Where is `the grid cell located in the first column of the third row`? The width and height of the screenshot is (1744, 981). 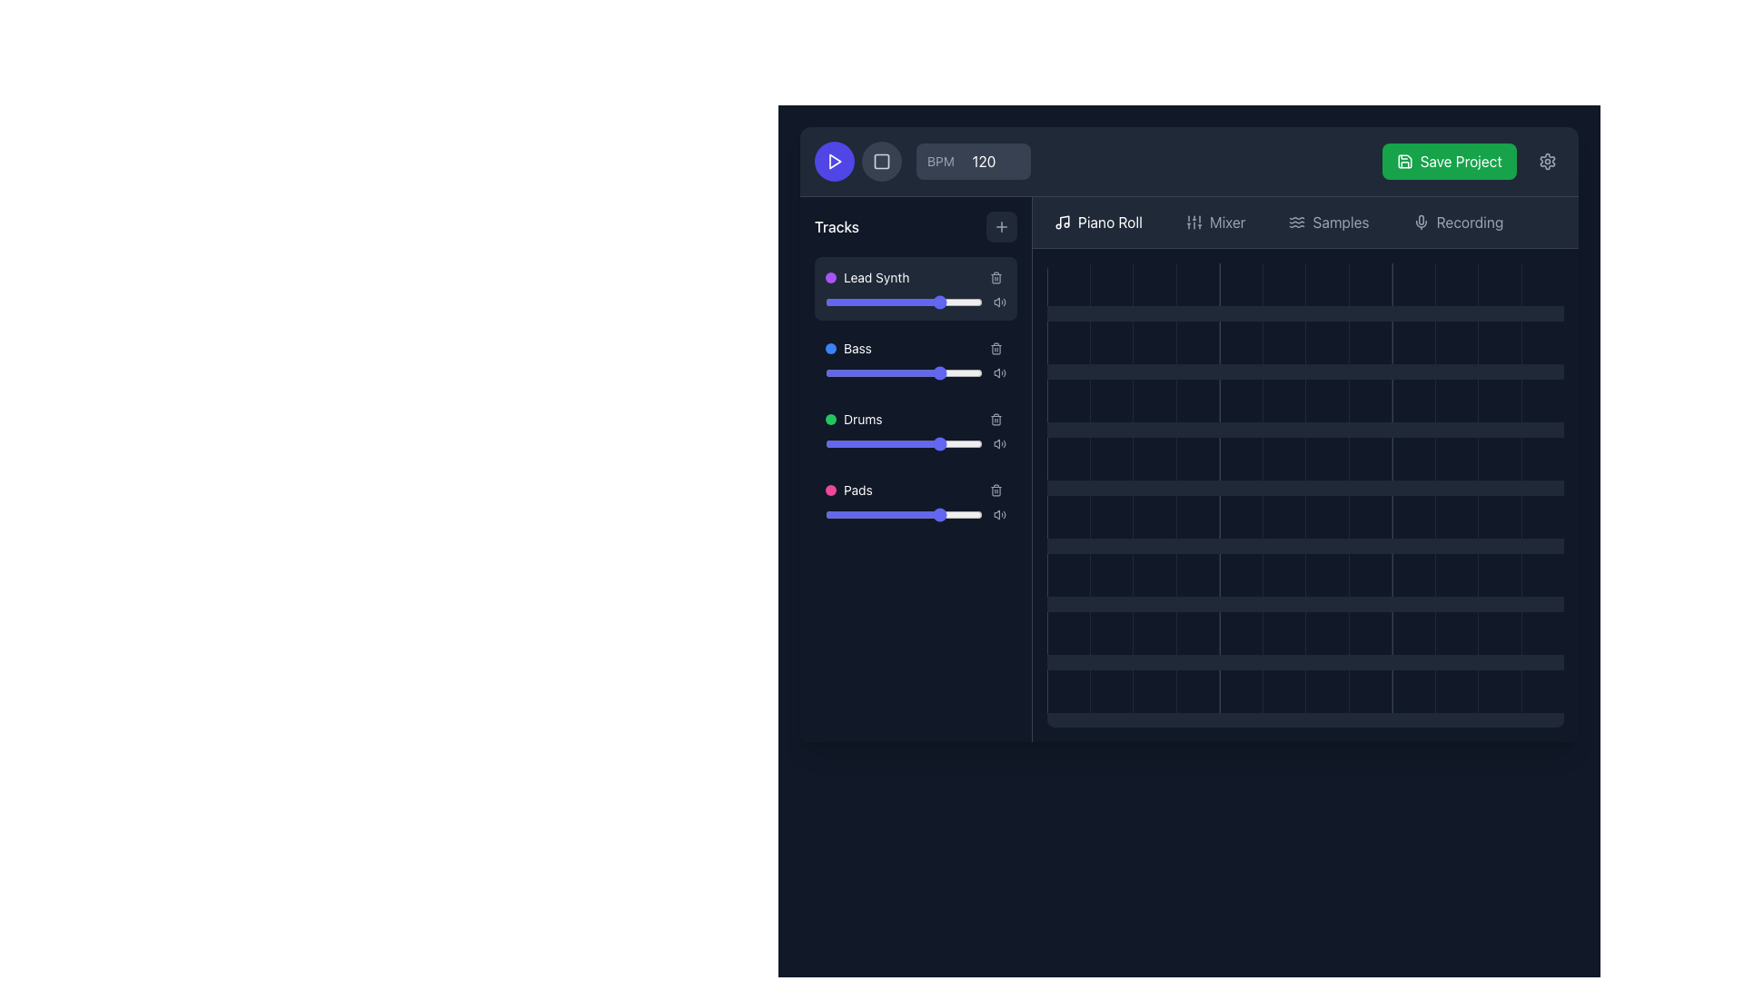
the grid cell located in the first column of the third row is located at coordinates (1068, 400).